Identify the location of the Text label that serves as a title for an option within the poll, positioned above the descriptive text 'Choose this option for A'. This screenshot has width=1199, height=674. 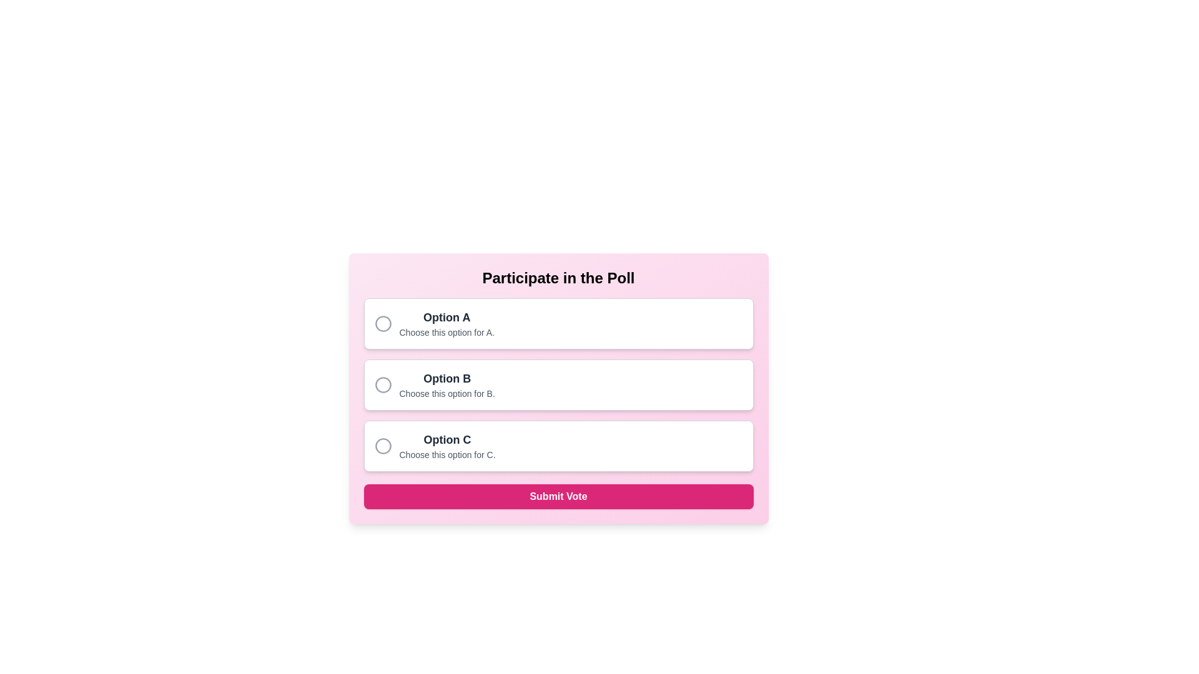
(447, 317).